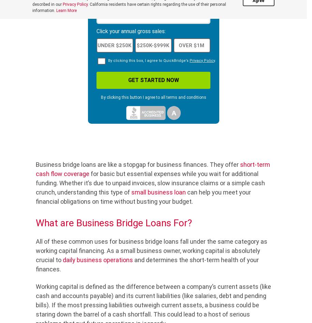 Image resolution: width=312 pixels, height=323 pixels. Describe the element at coordinates (115, 45) in the screenshot. I see `'Under $250k'` at that location.